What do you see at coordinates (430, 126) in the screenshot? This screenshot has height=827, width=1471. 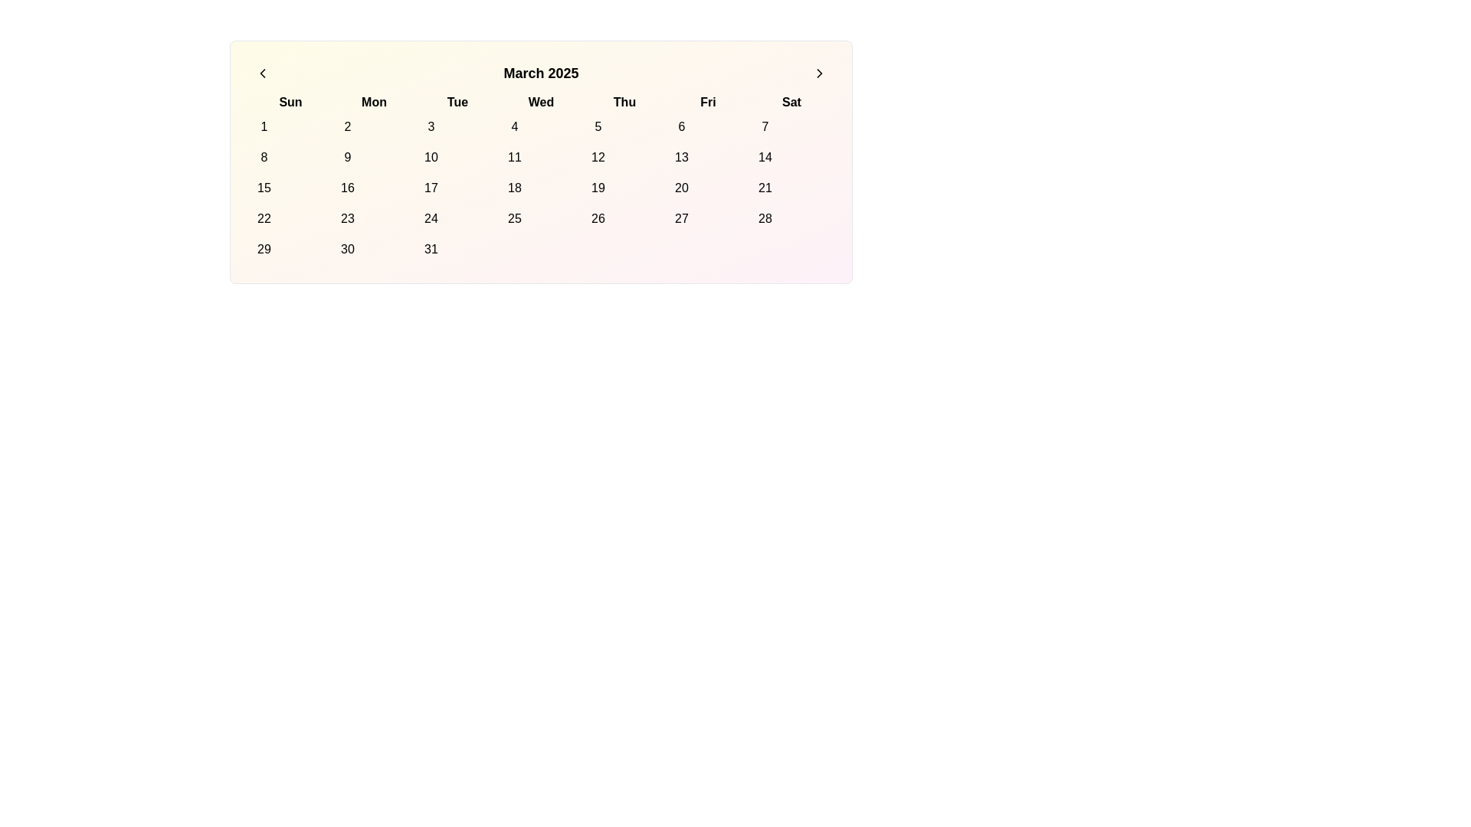 I see `the button representing the date '3' in the calendar under the 'Tue' column to trigger a background color change` at bounding box center [430, 126].